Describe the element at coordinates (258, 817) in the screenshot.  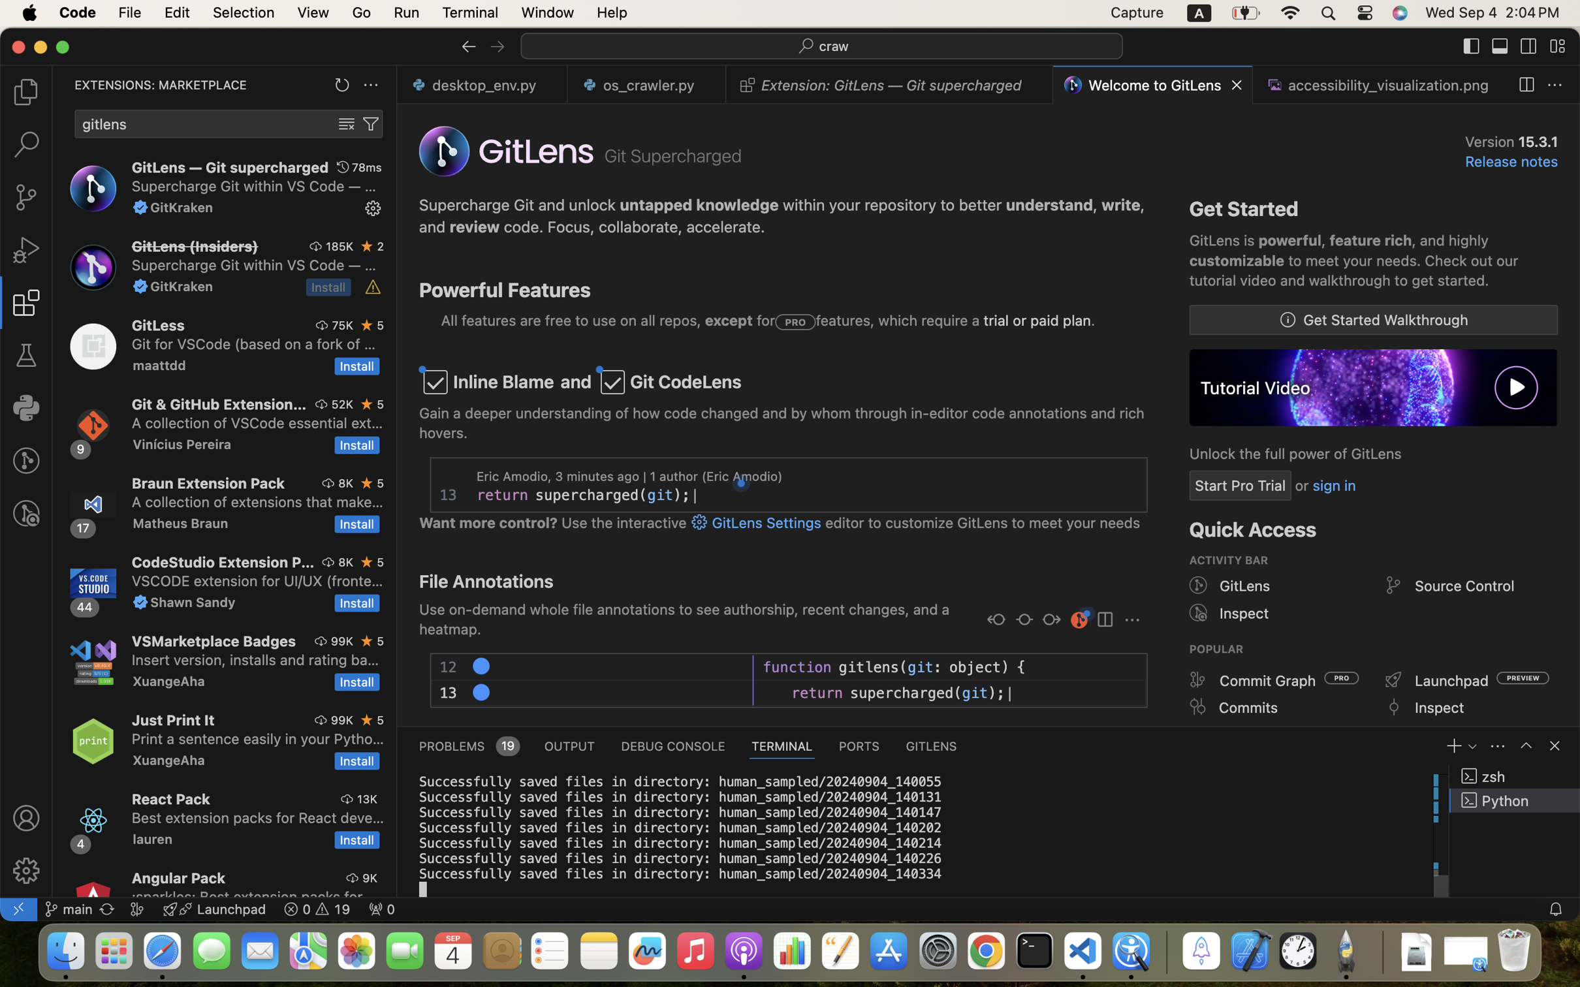
I see `'Best extension packs for React development and more.'` at that location.